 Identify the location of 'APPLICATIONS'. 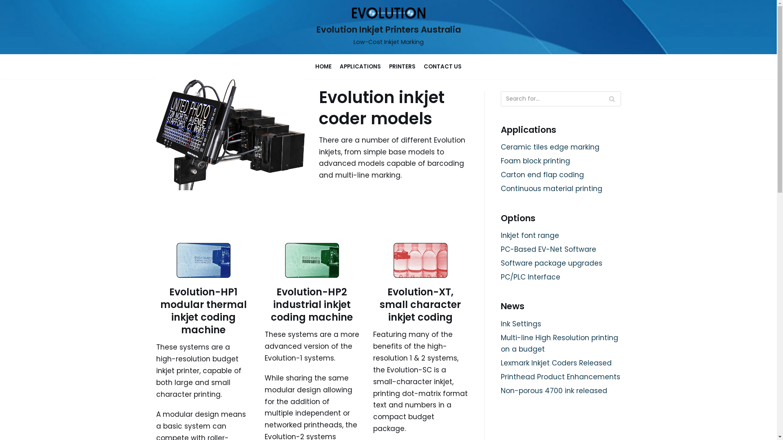
(360, 66).